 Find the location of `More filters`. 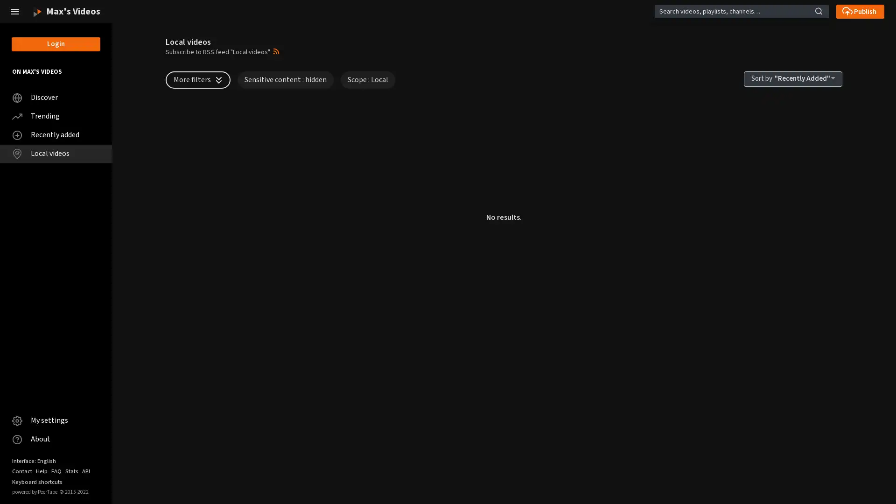

More filters is located at coordinates (197, 79).